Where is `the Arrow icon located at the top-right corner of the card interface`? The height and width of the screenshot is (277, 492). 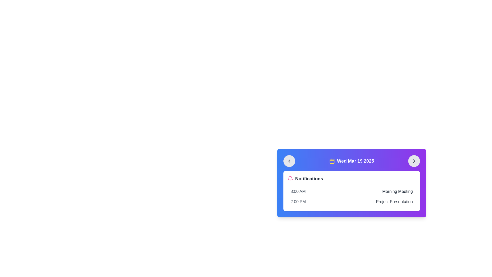 the Arrow icon located at the top-right corner of the card interface is located at coordinates (289, 161).